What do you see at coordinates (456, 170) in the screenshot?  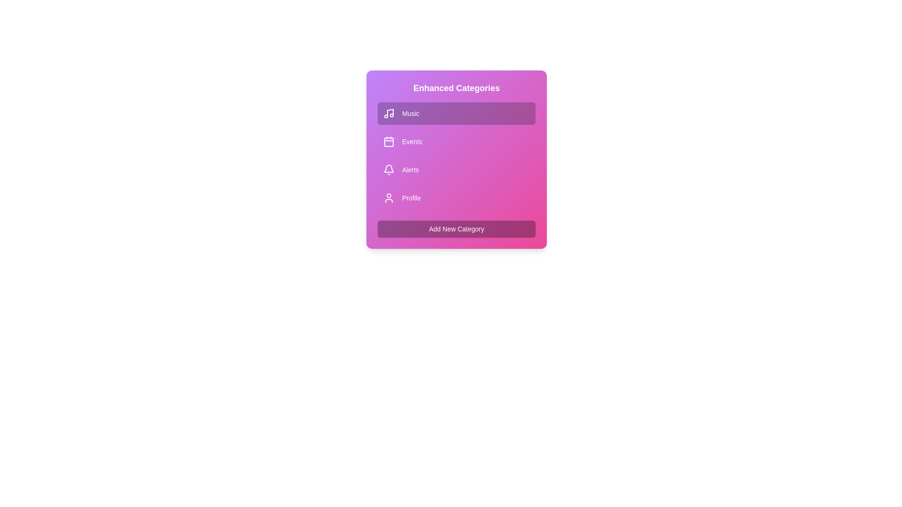 I see `the category Alerts to observe the hover effect` at bounding box center [456, 170].